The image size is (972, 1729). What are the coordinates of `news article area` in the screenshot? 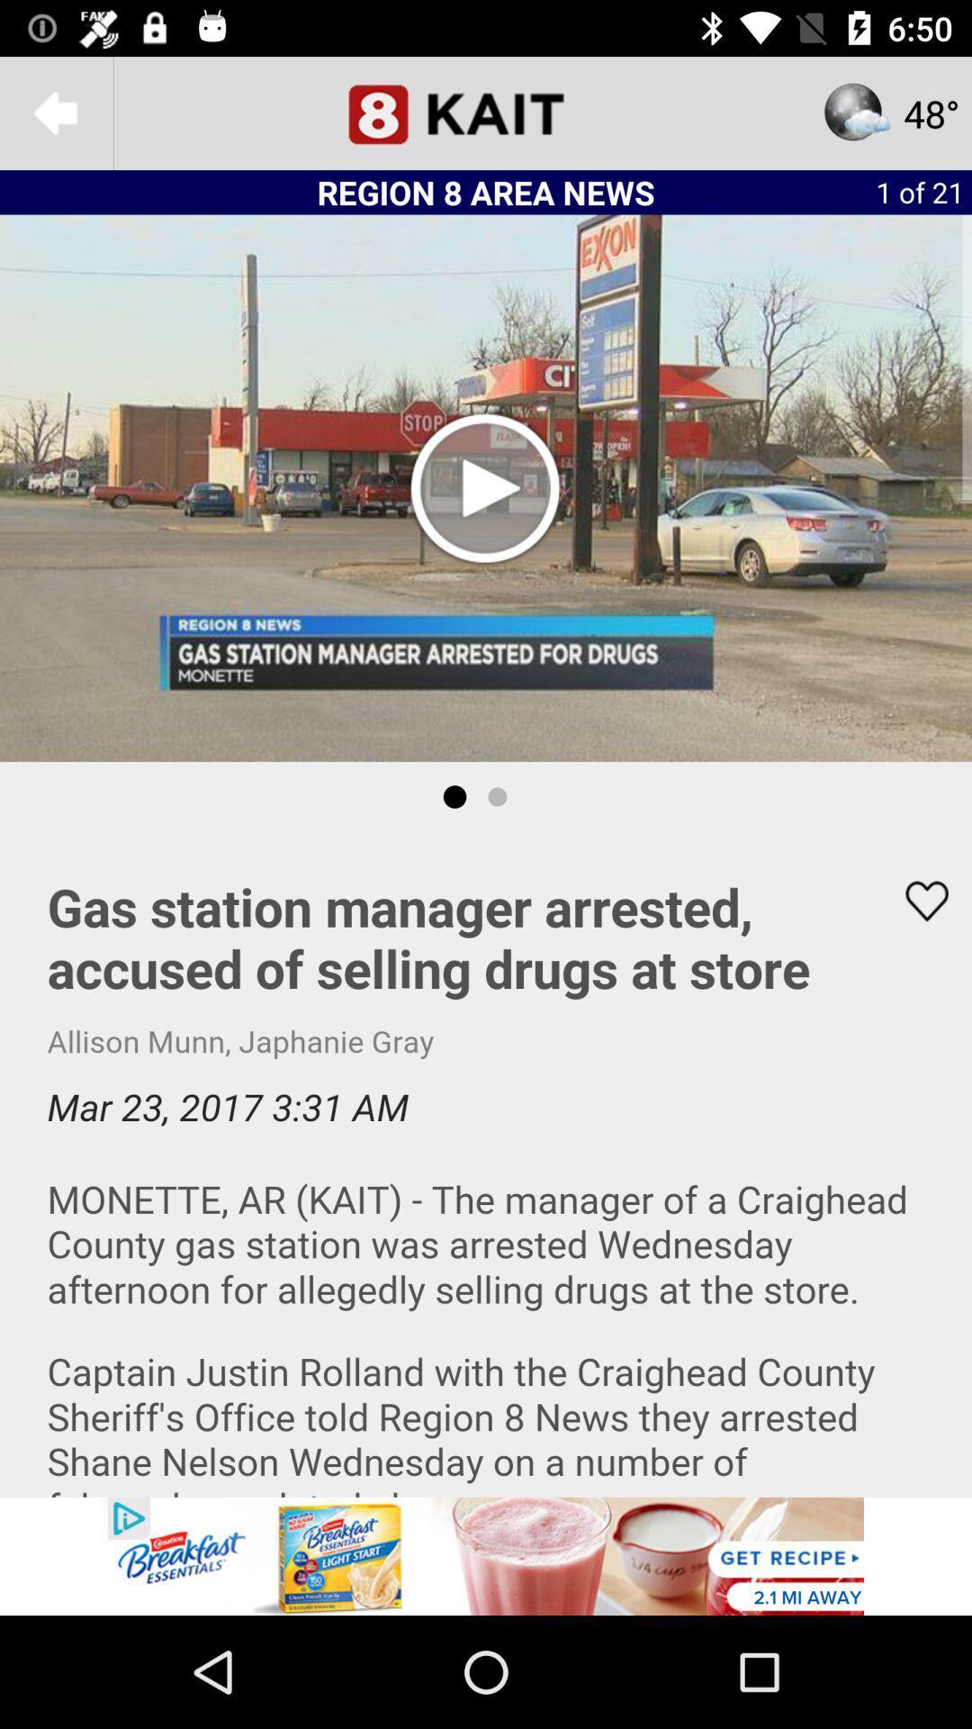 It's located at (486, 1164).